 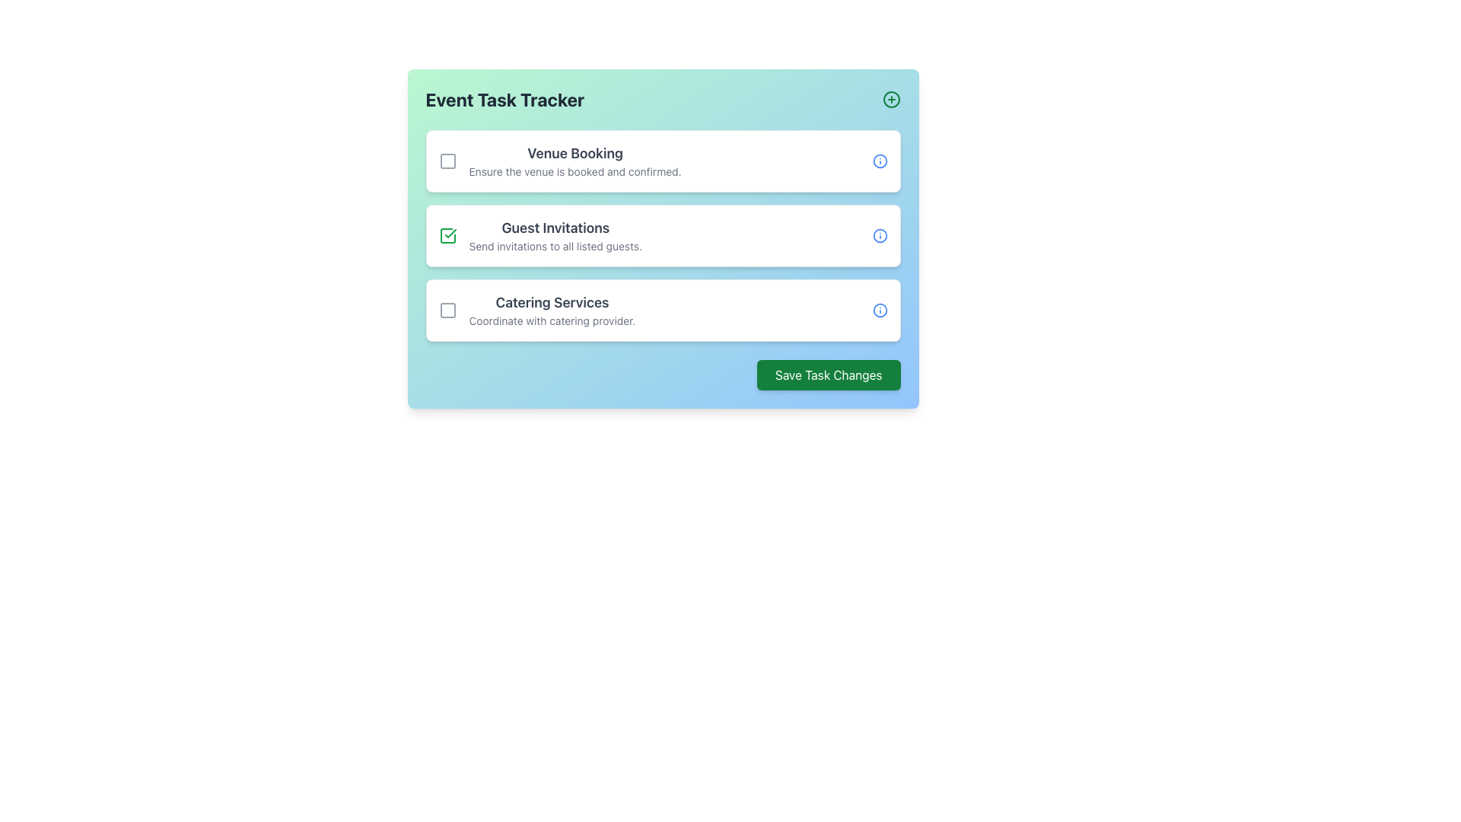 What do you see at coordinates (891, 100) in the screenshot?
I see `the 'add' or 'create' button located in the top-right corner of the 'Event Task Tracker' section` at bounding box center [891, 100].